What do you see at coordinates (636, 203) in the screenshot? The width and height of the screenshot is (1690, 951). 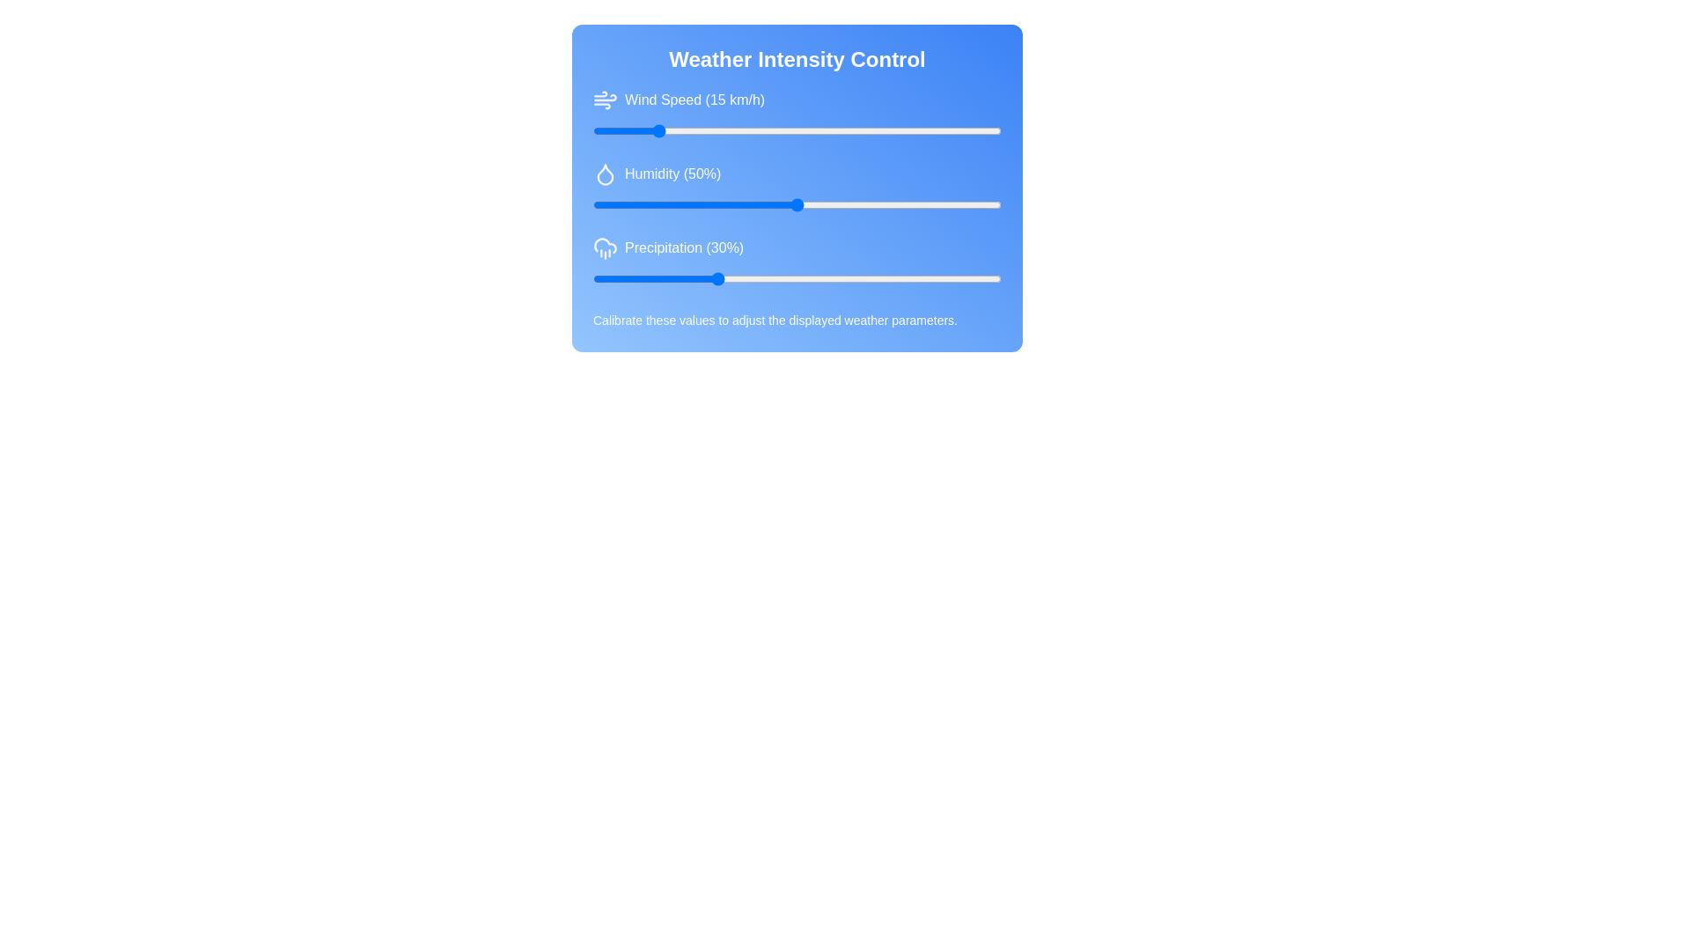 I see `the humidity level` at bounding box center [636, 203].